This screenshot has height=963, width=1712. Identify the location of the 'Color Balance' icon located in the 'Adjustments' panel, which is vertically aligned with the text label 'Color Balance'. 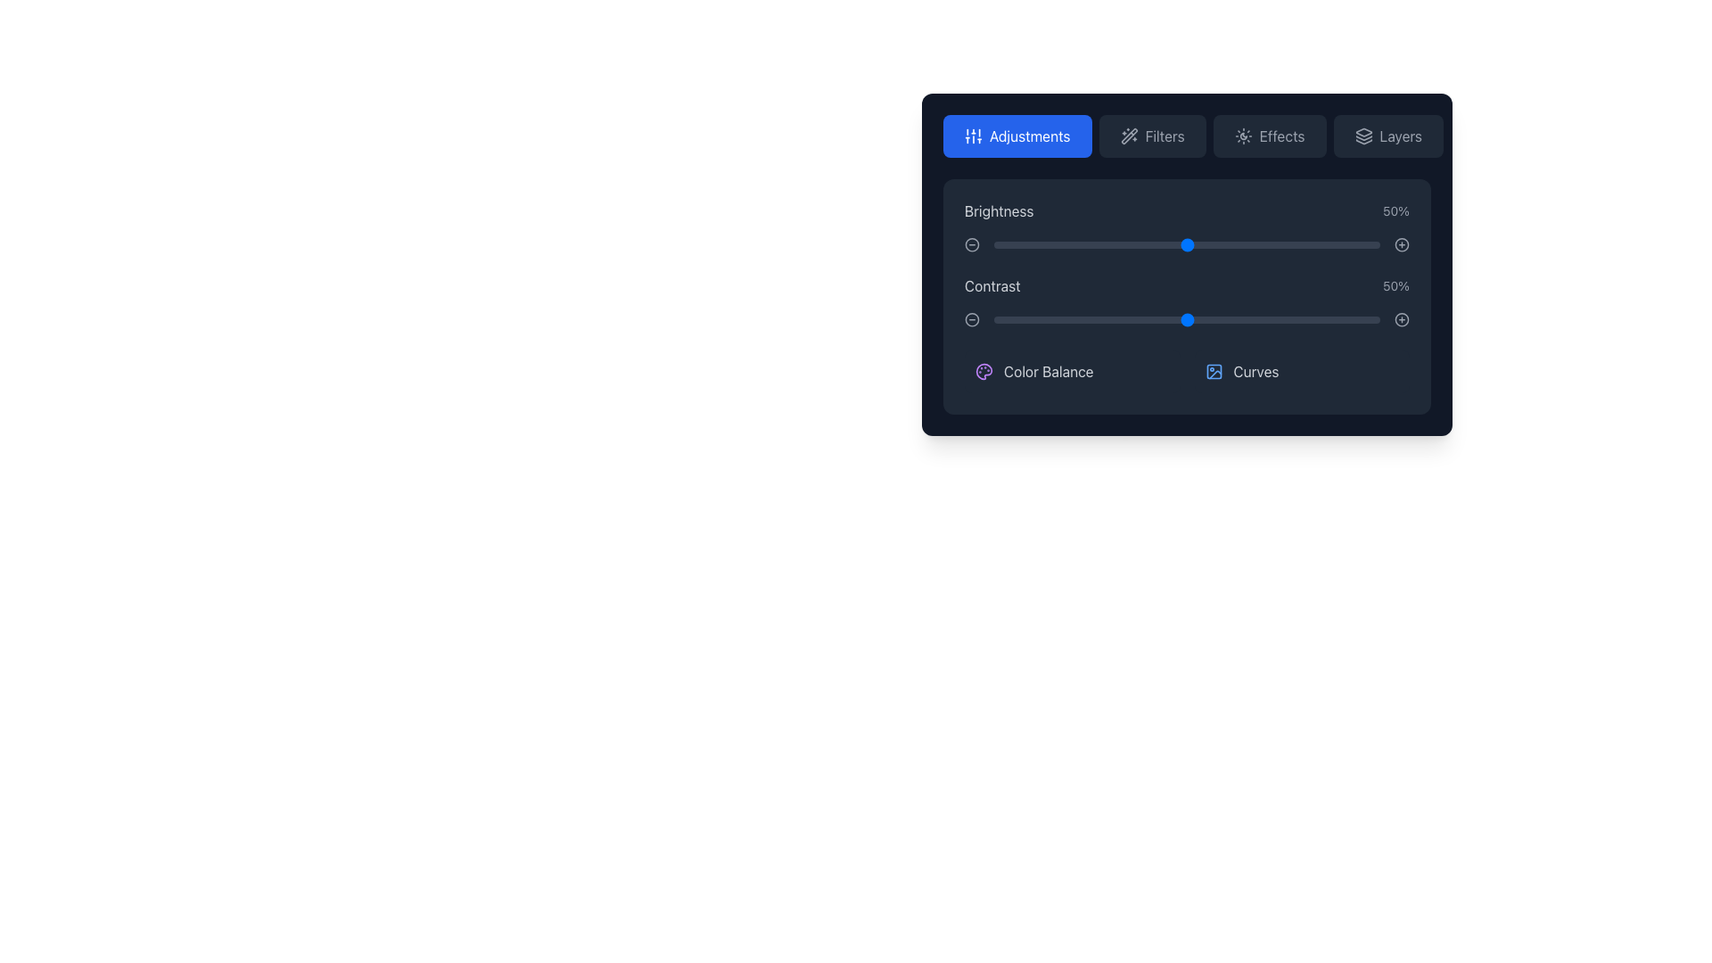
(984, 370).